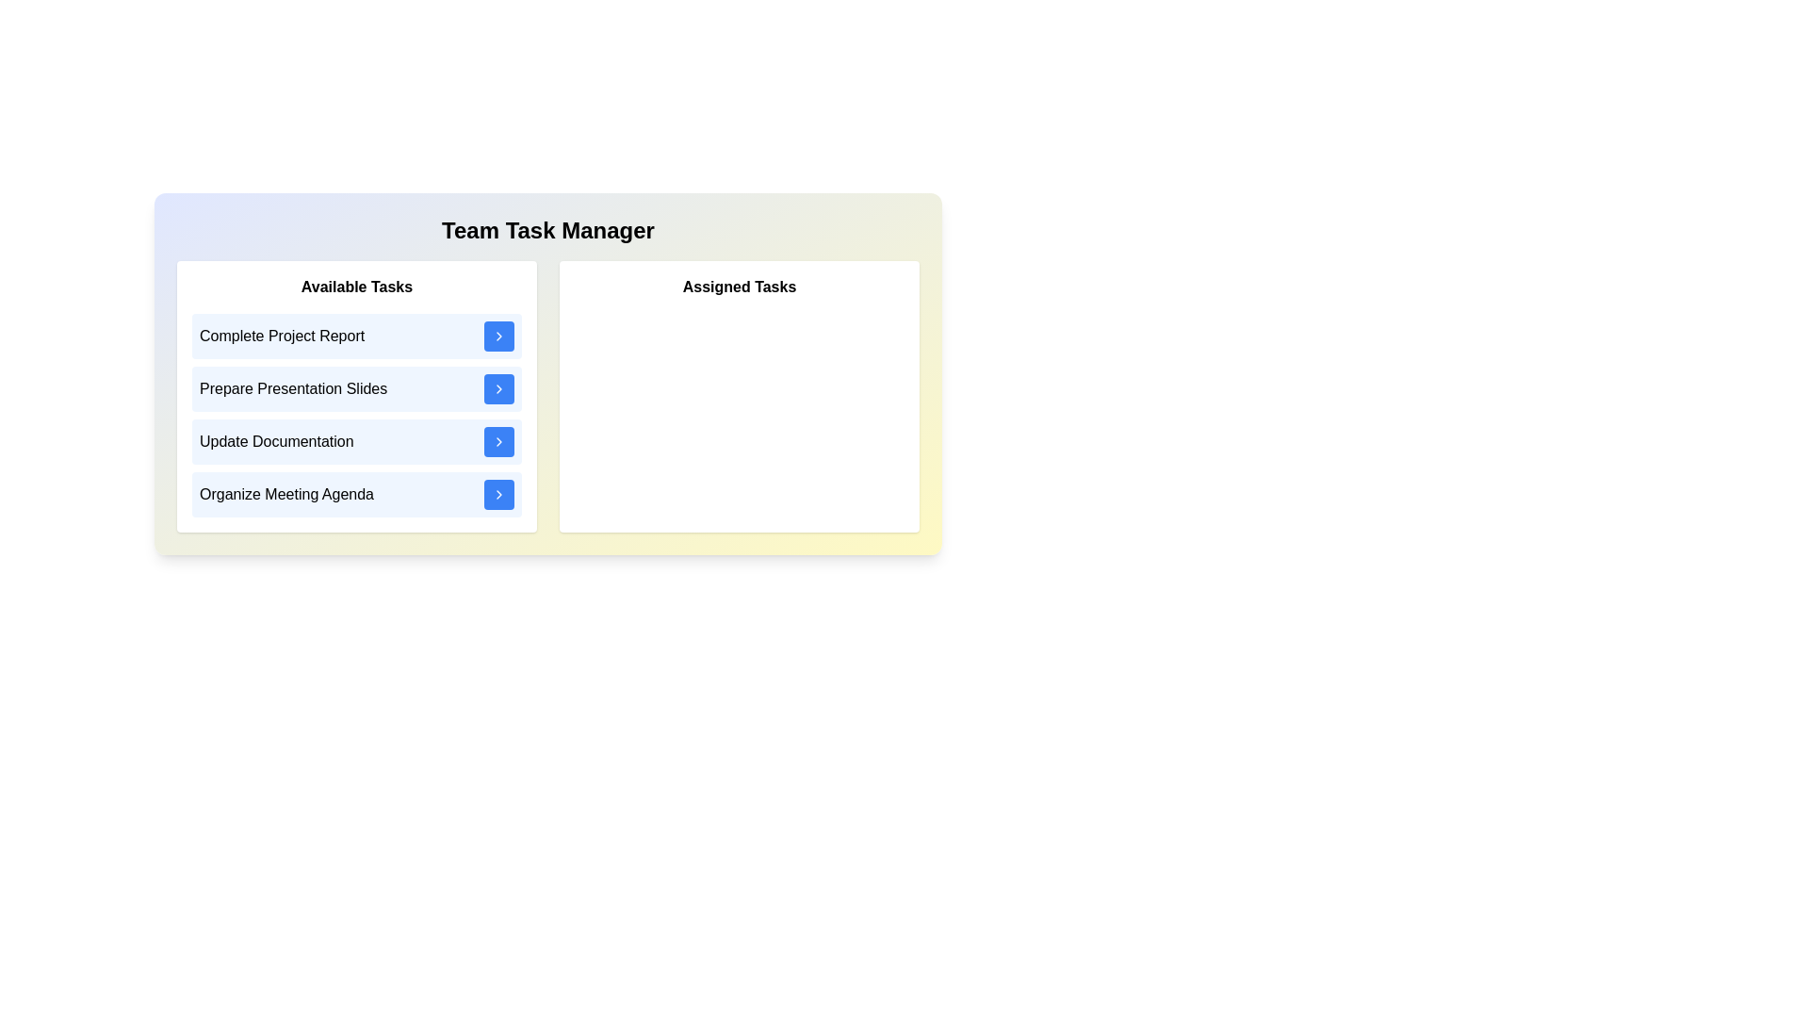 This screenshot has height=1018, width=1809. Describe the element at coordinates (498, 336) in the screenshot. I see `the button corresponding to the task Complete Project Report to assign it` at that location.